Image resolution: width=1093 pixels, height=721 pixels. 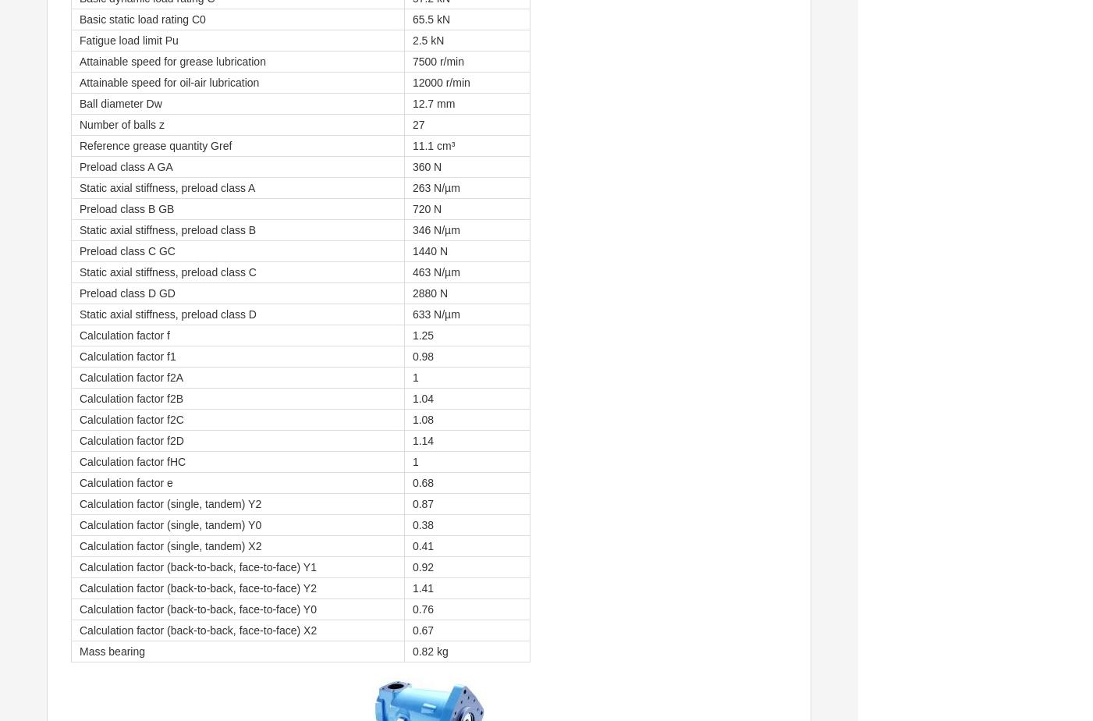 What do you see at coordinates (411, 20) in the screenshot?
I see `'65.5 kN'` at bounding box center [411, 20].